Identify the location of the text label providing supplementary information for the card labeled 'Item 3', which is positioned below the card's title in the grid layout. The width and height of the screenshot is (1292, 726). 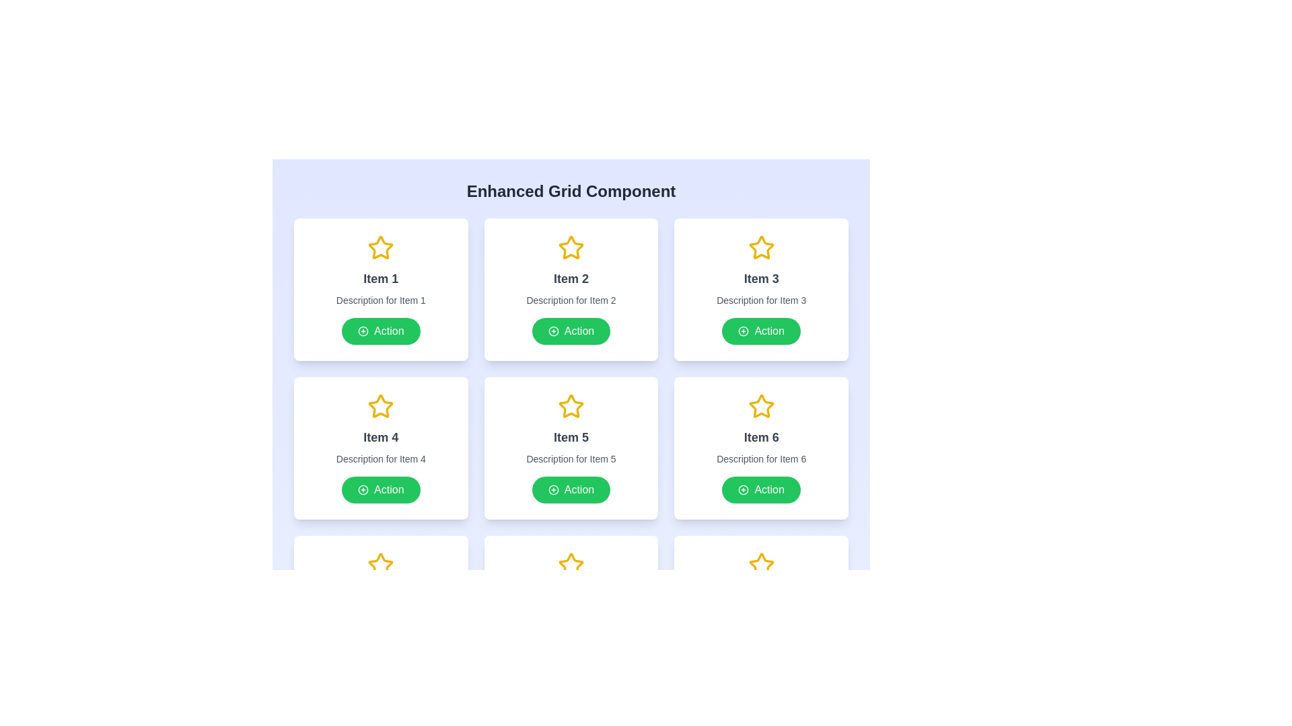
(761, 300).